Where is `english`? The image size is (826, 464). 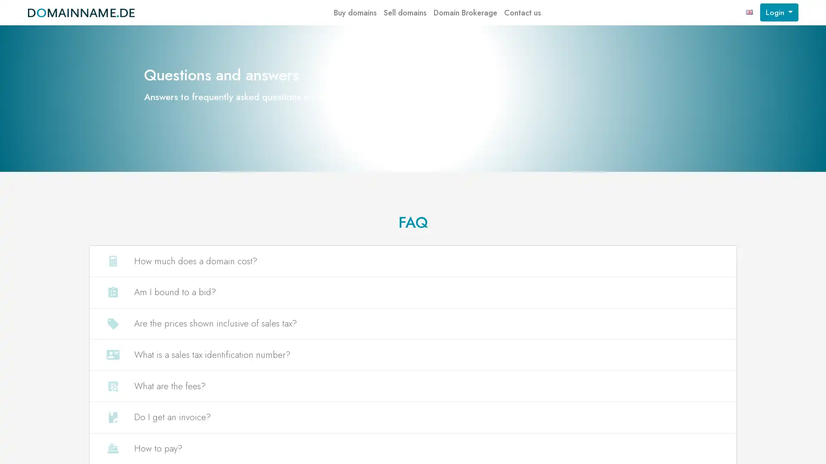
english is located at coordinates (749, 12).